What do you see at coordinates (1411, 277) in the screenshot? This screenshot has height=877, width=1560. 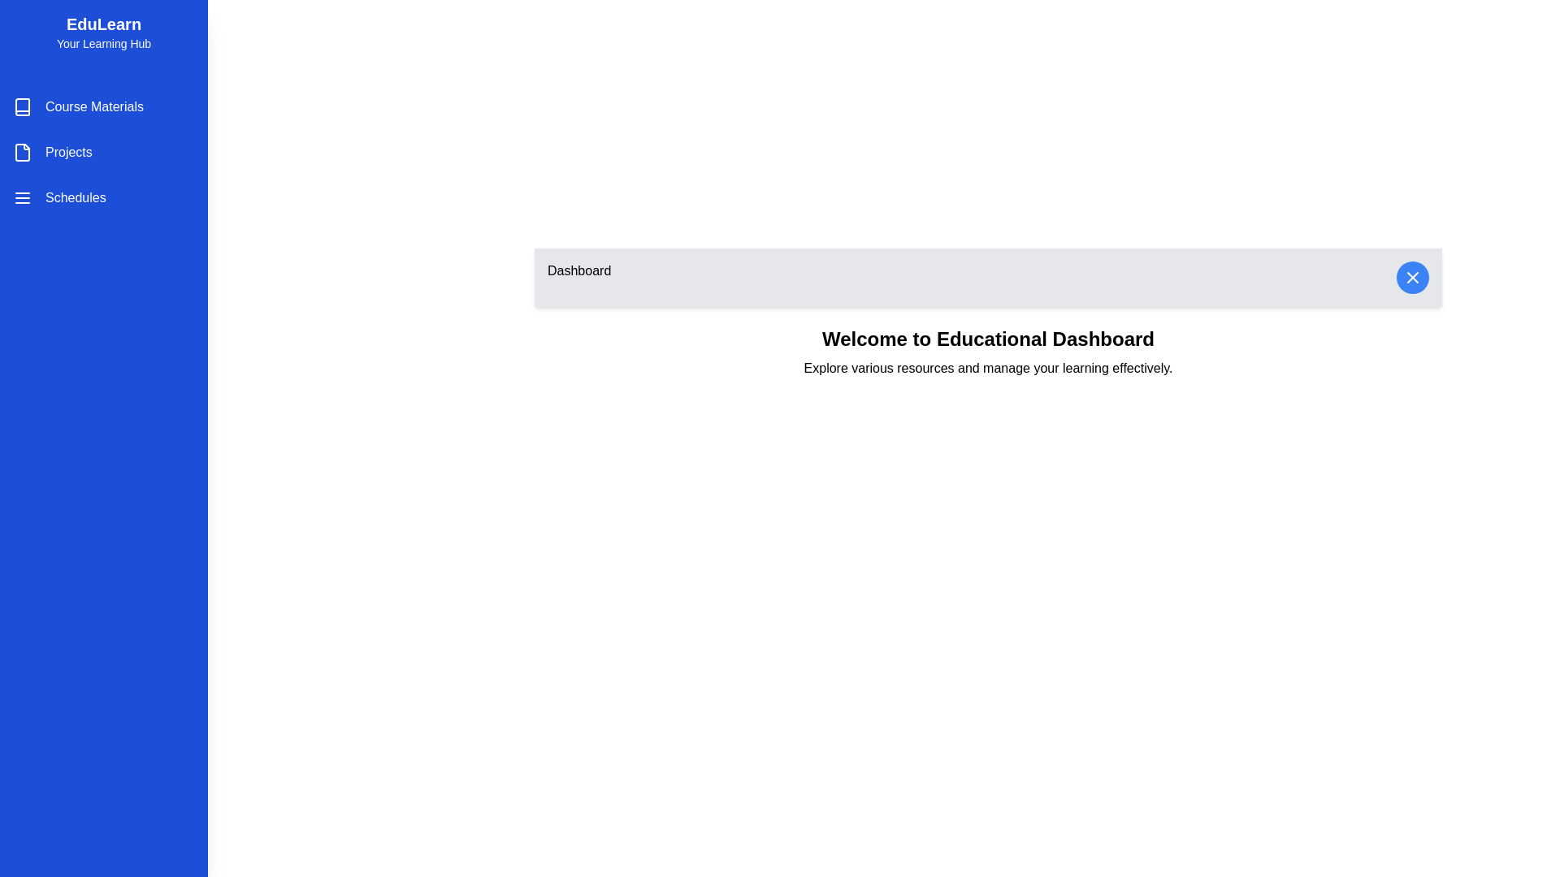 I see `the close button located in the top-right corner of the light grey horizontal bar labeled 'Dashboard'` at bounding box center [1411, 277].